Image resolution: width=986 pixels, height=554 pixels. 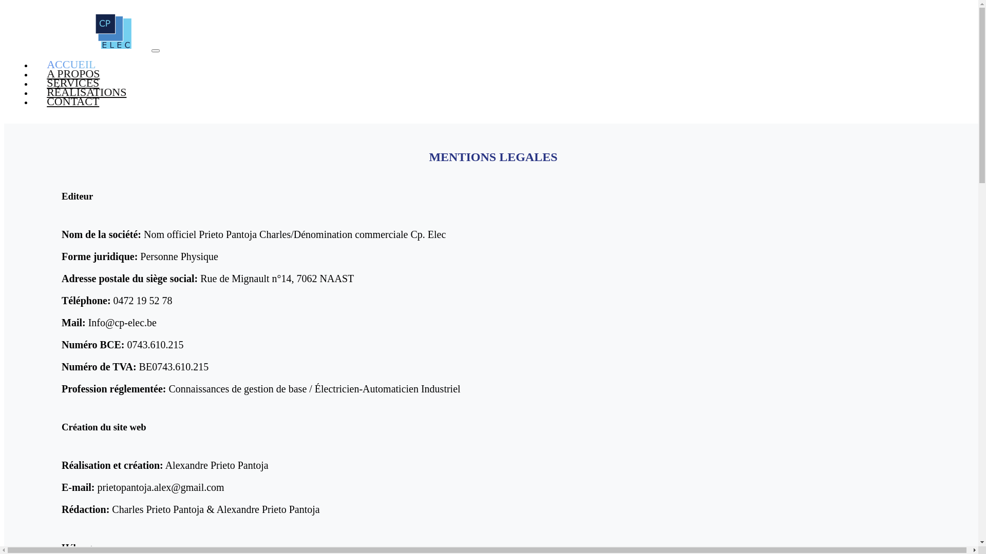 I want to click on 'CONTACT', so click(x=72, y=101).